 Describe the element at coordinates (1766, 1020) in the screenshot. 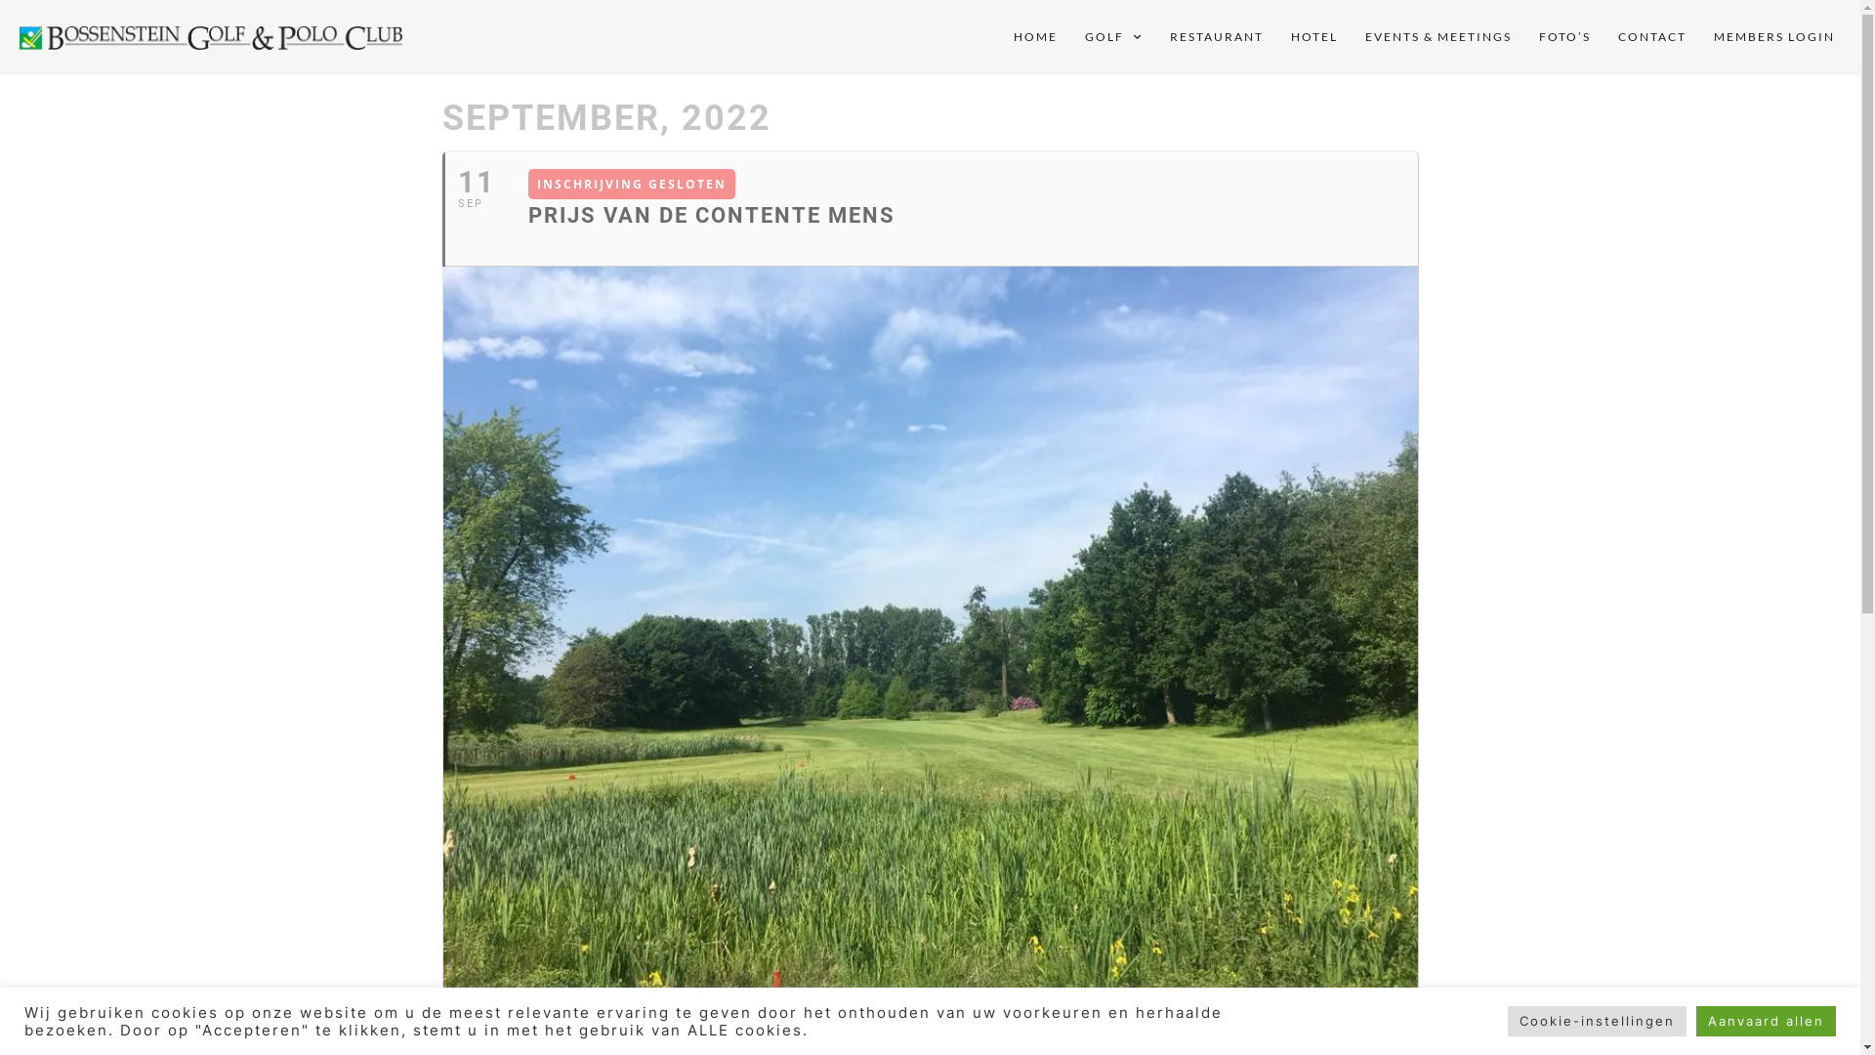

I see `'Aanvaard allen'` at that location.